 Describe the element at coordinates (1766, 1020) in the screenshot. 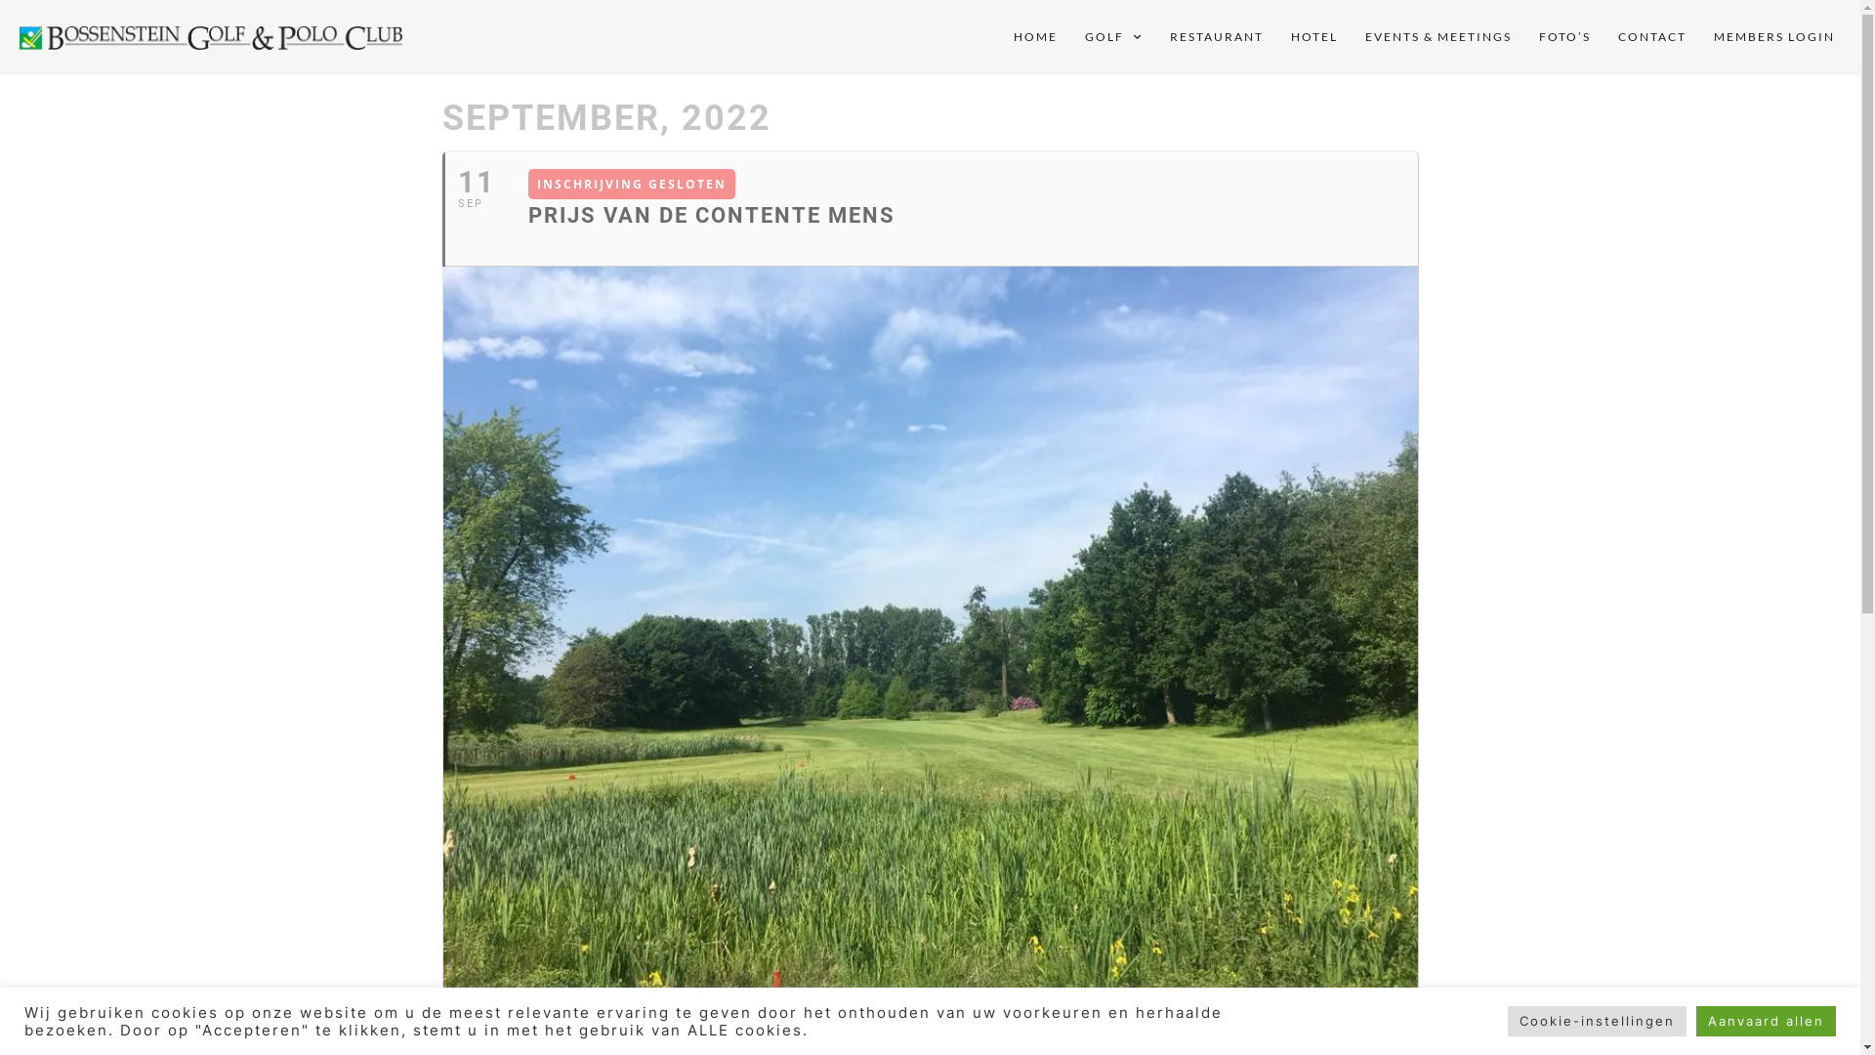

I see `'Aanvaard allen'` at that location.